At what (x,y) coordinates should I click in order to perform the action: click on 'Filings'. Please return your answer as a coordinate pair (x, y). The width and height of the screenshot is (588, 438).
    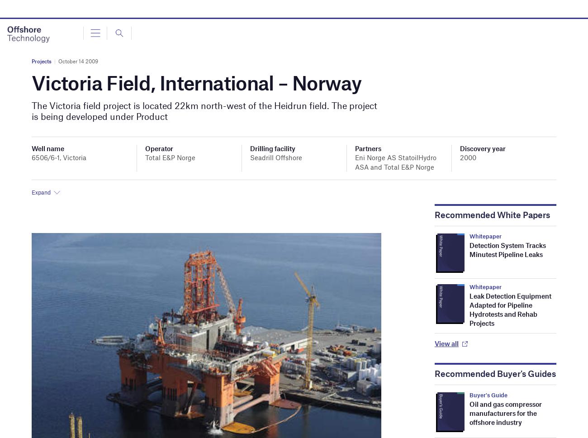
    Looking at the image, I should click on (35, 88).